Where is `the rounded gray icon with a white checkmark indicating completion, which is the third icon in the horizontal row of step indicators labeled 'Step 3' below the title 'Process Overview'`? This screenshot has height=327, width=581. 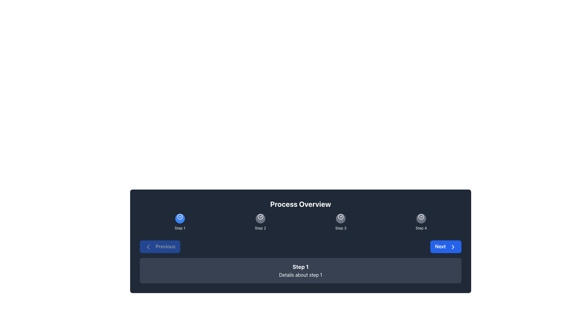
the rounded gray icon with a white checkmark indicating completion, which is the third icon in the horizontal row of step indicators labeled 'Step 3' below the title 'Process Overview' is located at coordinates (341, 218).